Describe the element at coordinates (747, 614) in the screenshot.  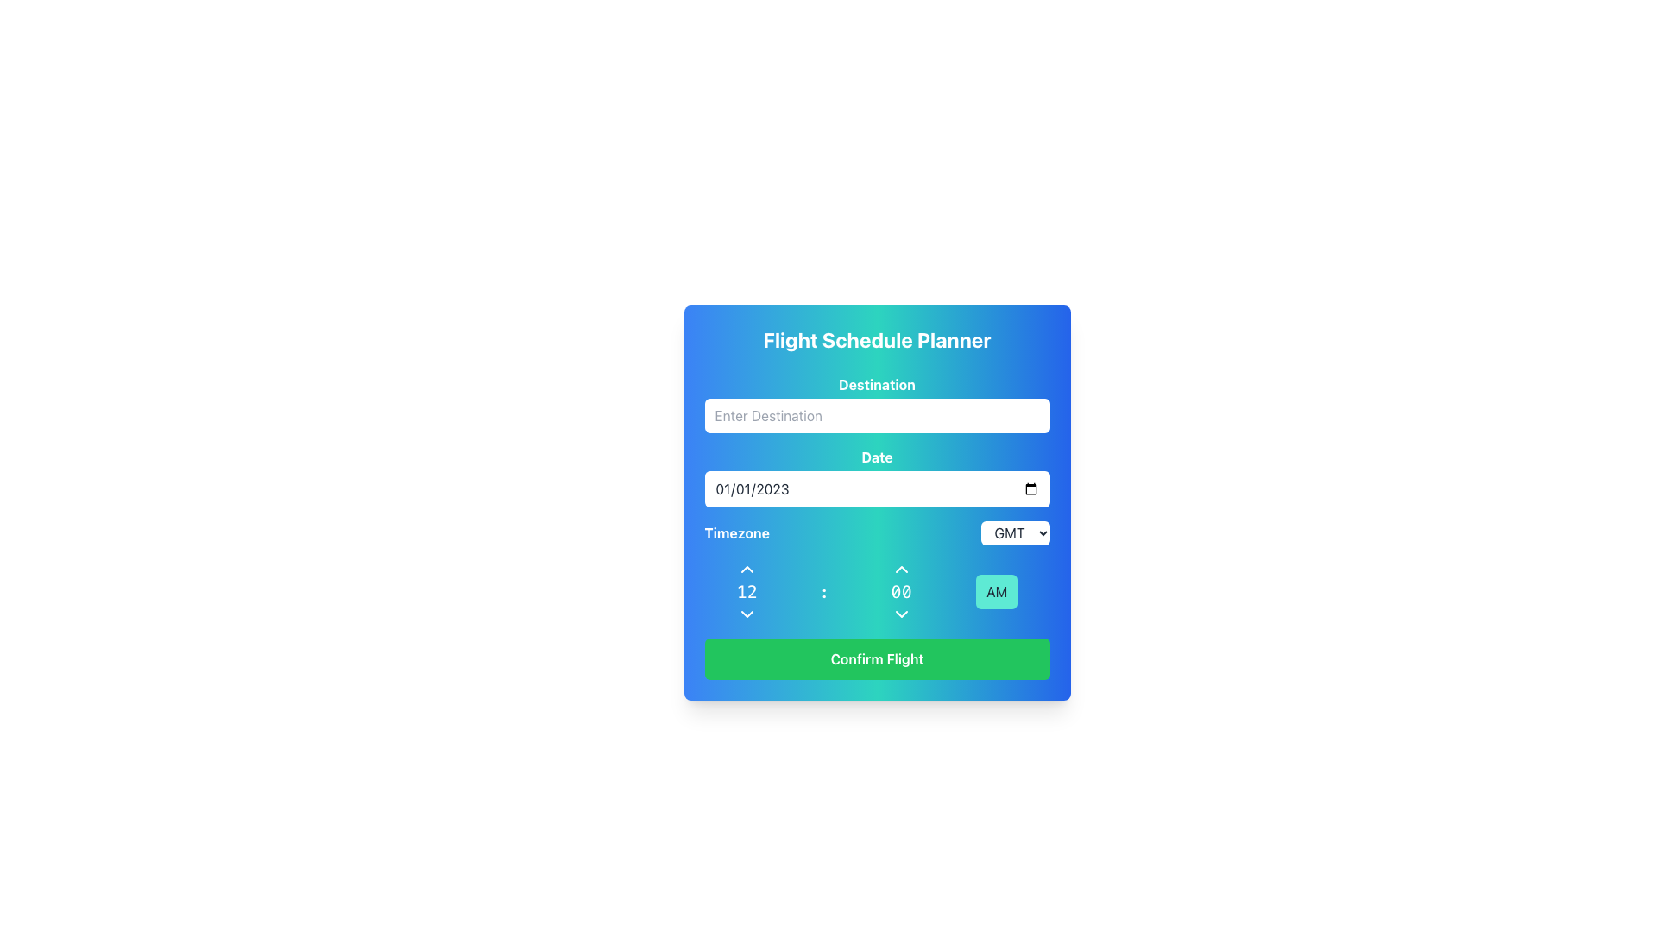
I see `the downward-facing chevron button located below the number '12' in the vertical time selector to trigger any applicable hover effects` at that location.